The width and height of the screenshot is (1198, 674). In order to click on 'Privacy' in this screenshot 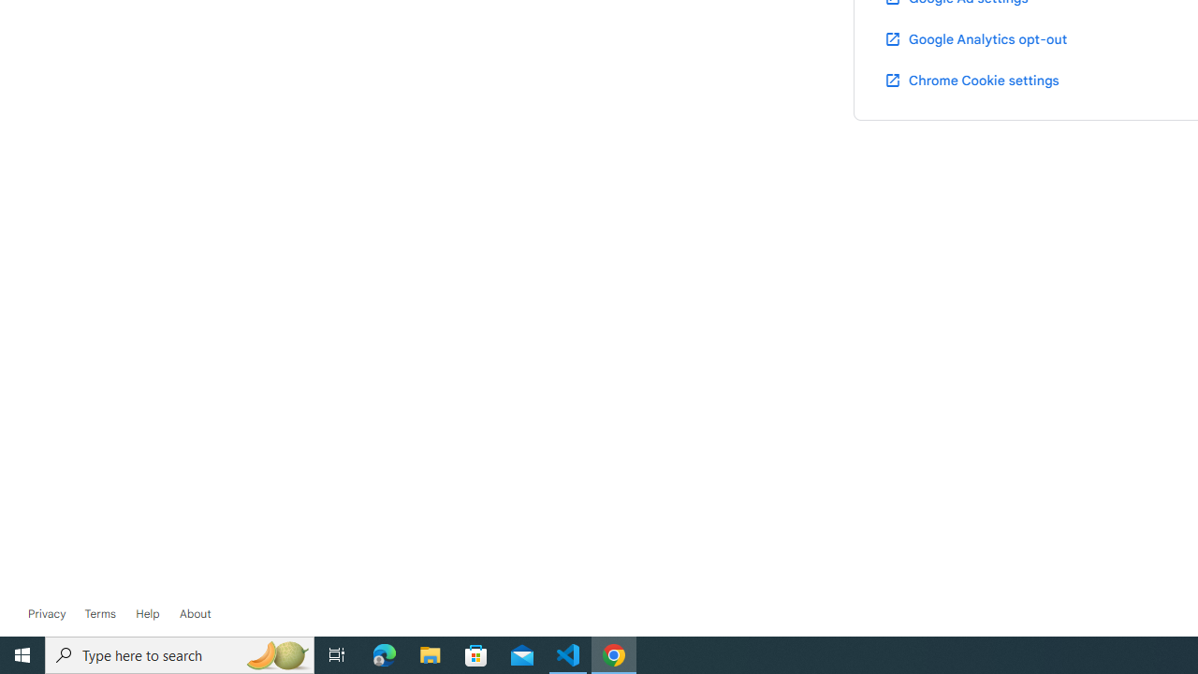, I will do `click(47, 613)`.